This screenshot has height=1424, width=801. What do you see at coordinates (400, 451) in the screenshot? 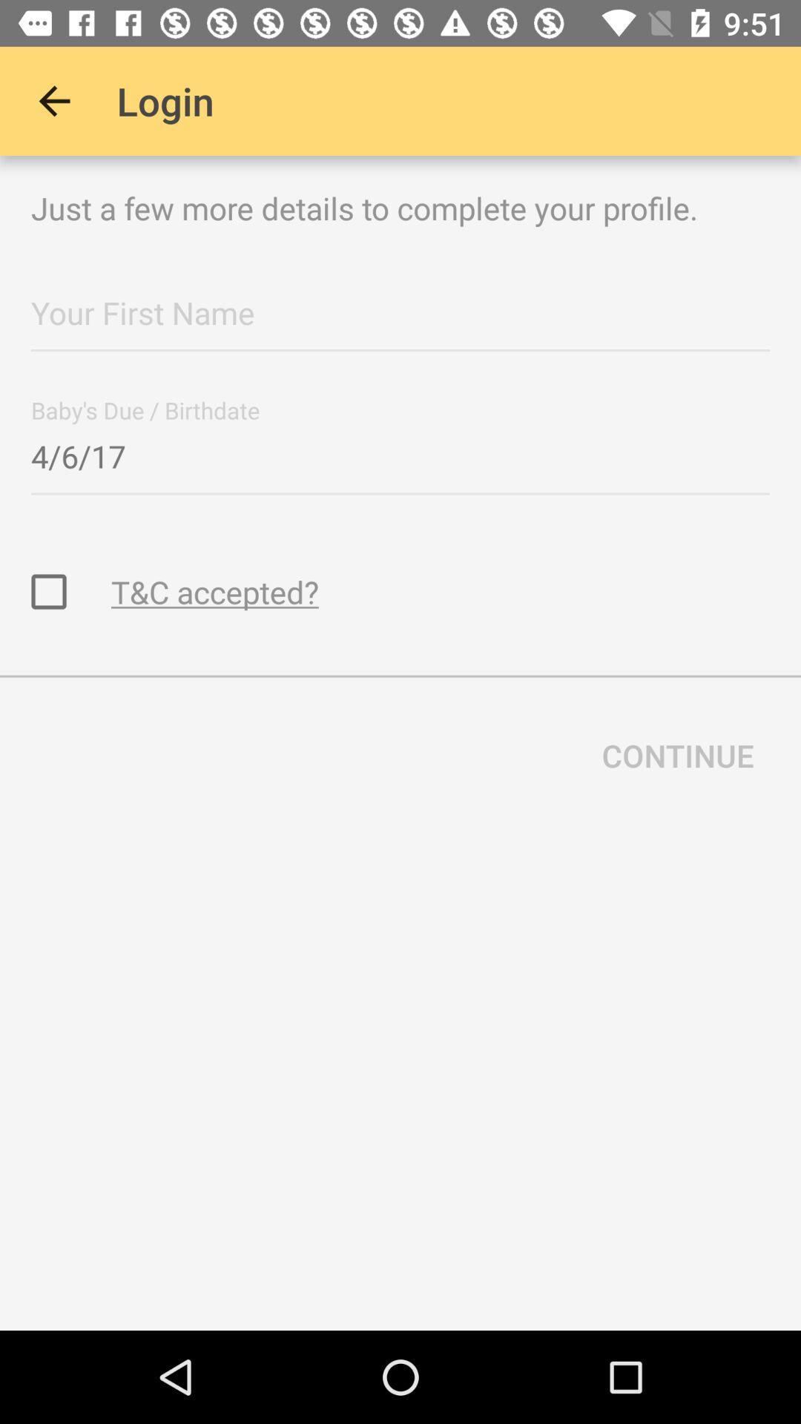
I see `the 4/6/17 item` at bounding box center [400, 451].